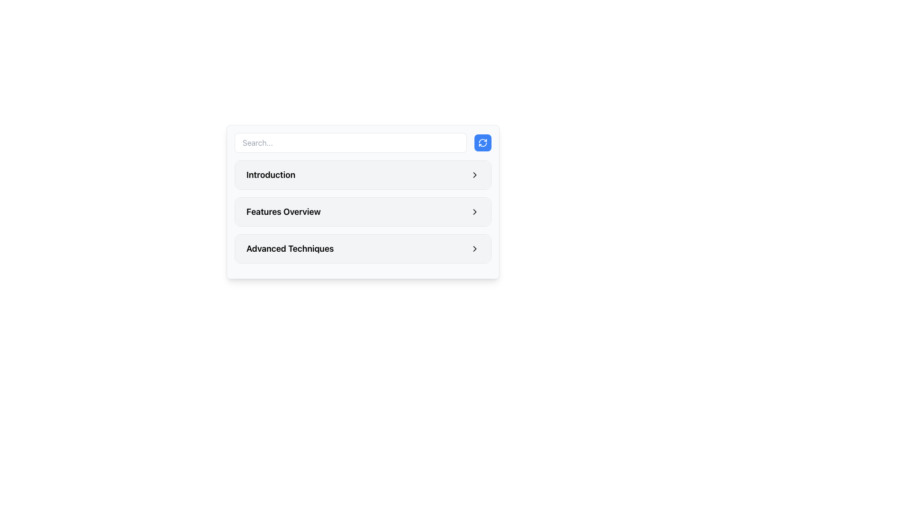 This screenshot has height=511, width=910. What do you see at coordinates (290, 248) in the screenshot?
I see `the 'Advanced Techniques' text label, which is the third item in a vertical list of sections, for advanced interactions` at bounding box center [290, 248].